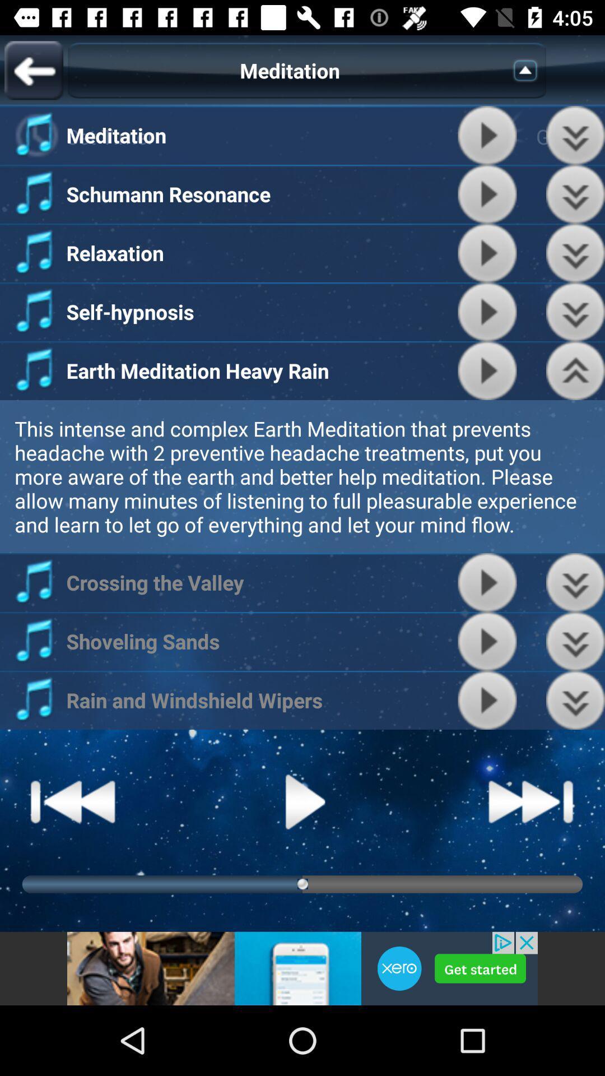  What do you see at coordinates (529, 69) in the screenshot?
I see `the symbol` at bounding box center [529, 69].